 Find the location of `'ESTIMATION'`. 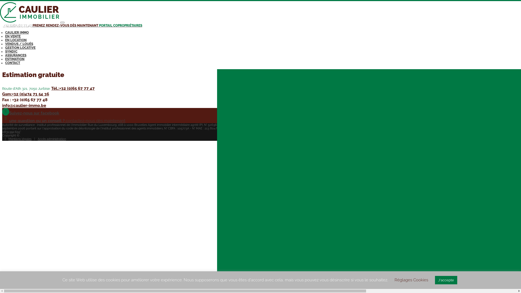

'ESTIMATION' is located at coordinates (15, 59).